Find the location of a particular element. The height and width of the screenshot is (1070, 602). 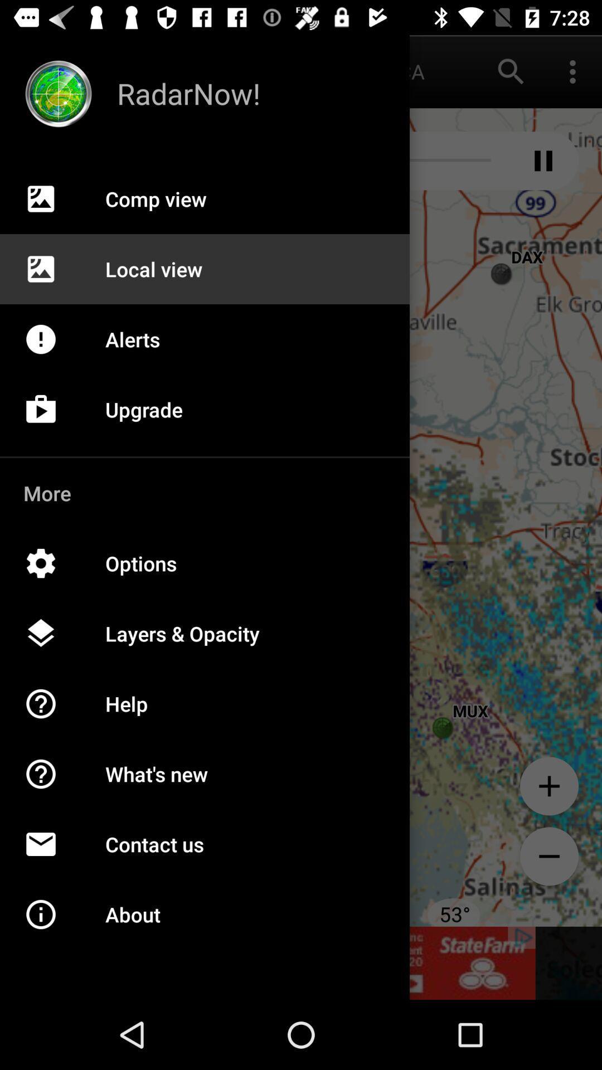

the email icon is located at coordinates (52, 855).